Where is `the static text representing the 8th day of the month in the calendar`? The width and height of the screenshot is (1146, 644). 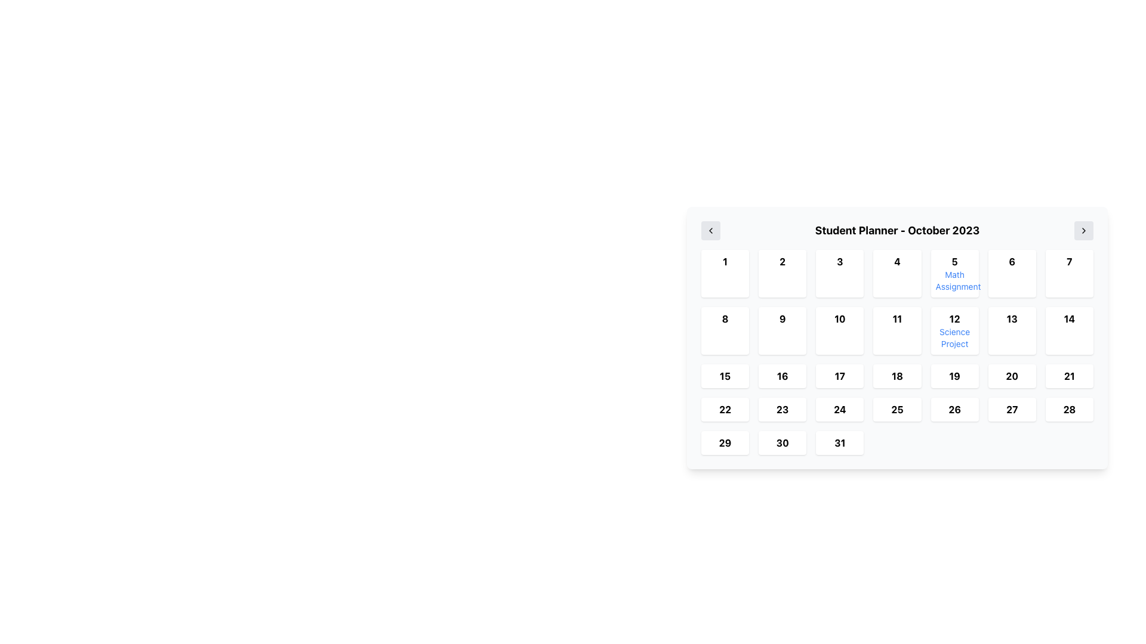
the static text representing the 8th day of the month in the calendar is located at coordinates (724, 318).